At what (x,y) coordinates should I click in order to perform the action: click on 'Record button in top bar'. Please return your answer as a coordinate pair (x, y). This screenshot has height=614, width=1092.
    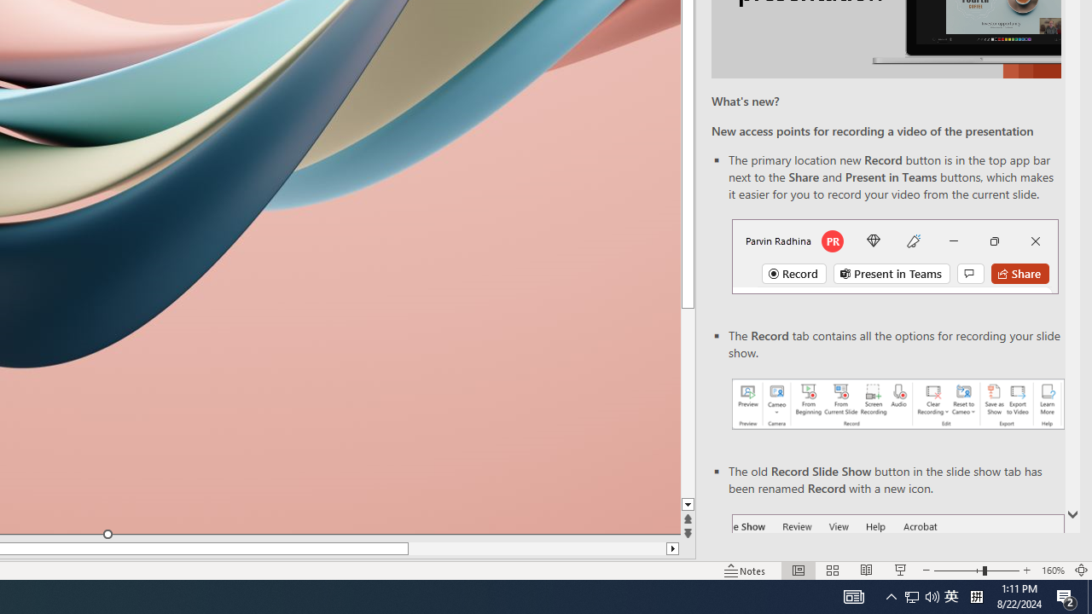
    Looking at the image, I should click on (894, 256).